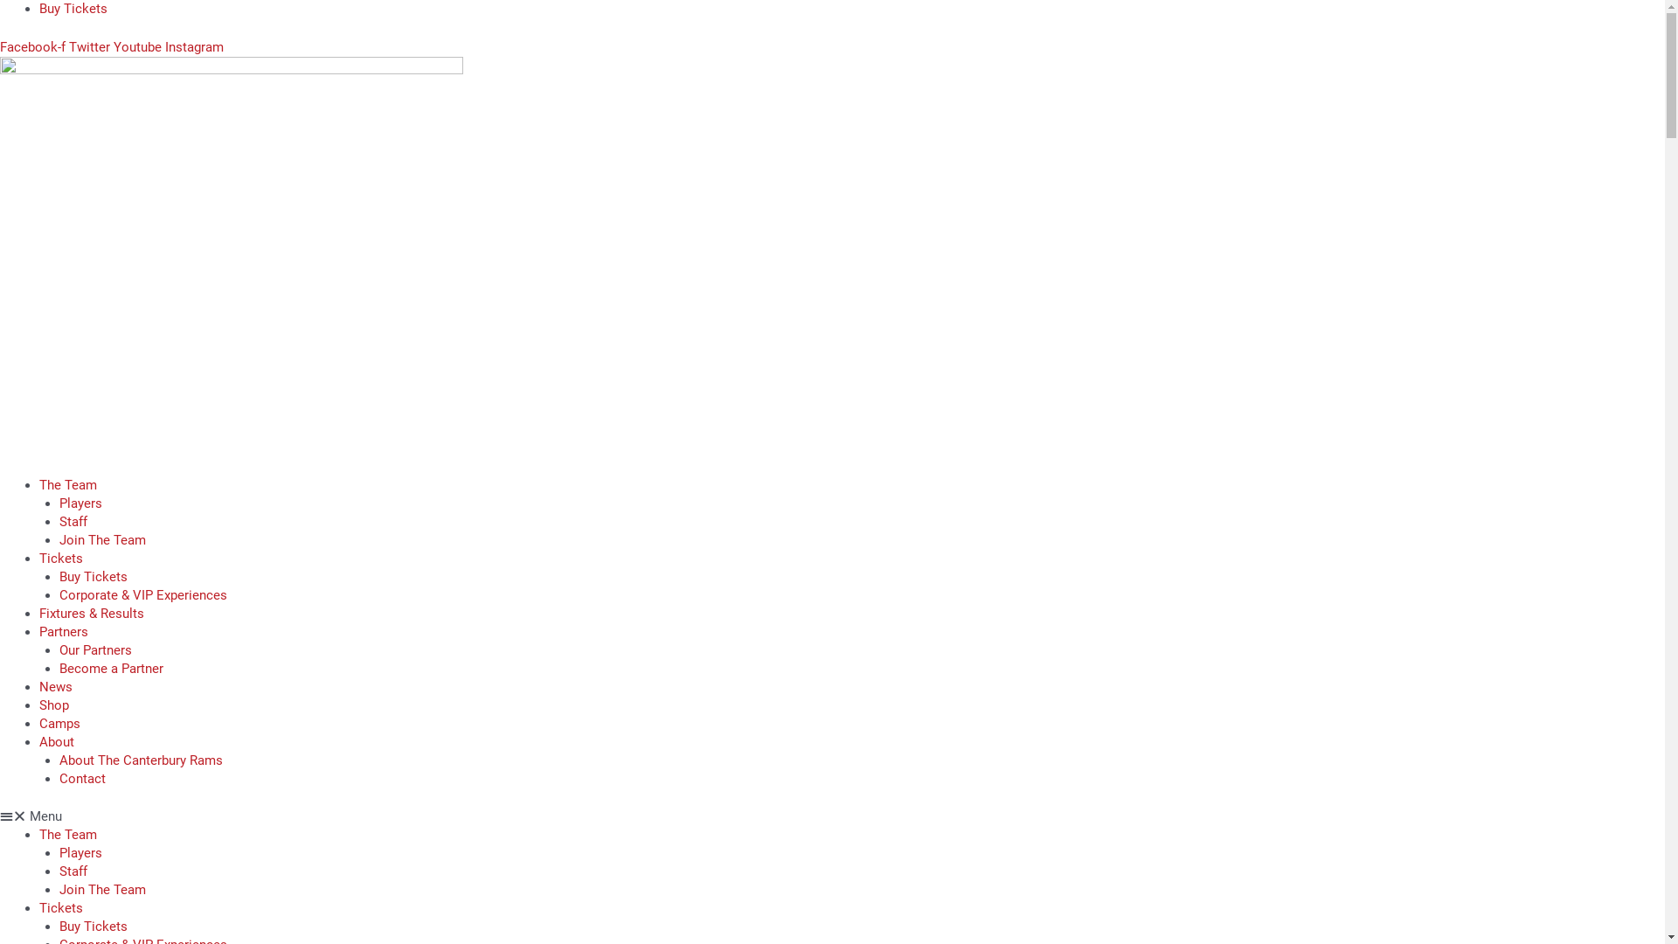  I want to click on 'Youtube', so click(138, 45).